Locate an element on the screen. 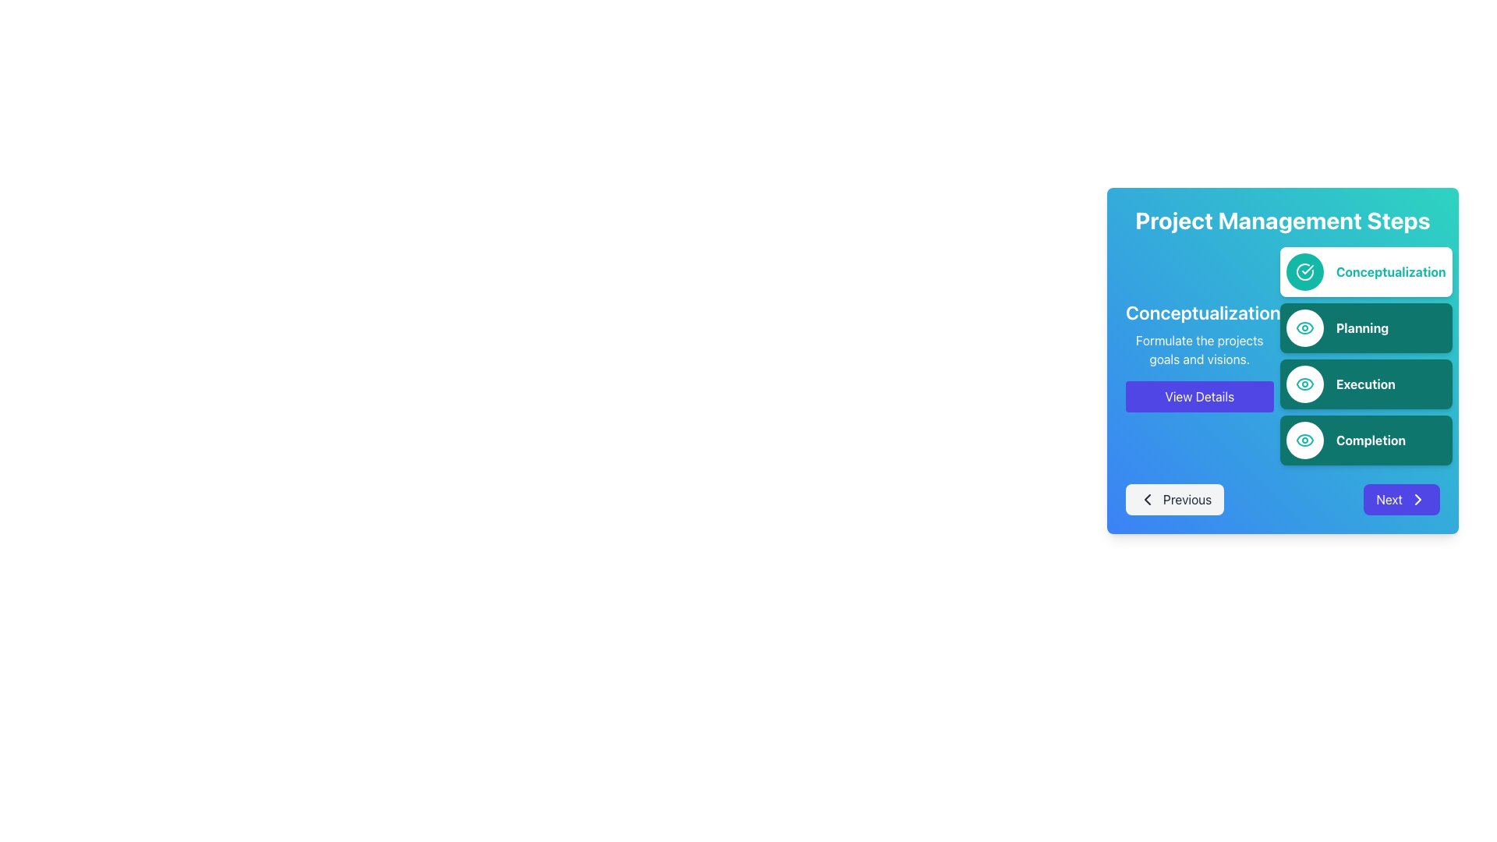 Image resolution: width=1497 pixels, height=842 pixels. the 'Execution' button is located at coordinates (1365, 384).